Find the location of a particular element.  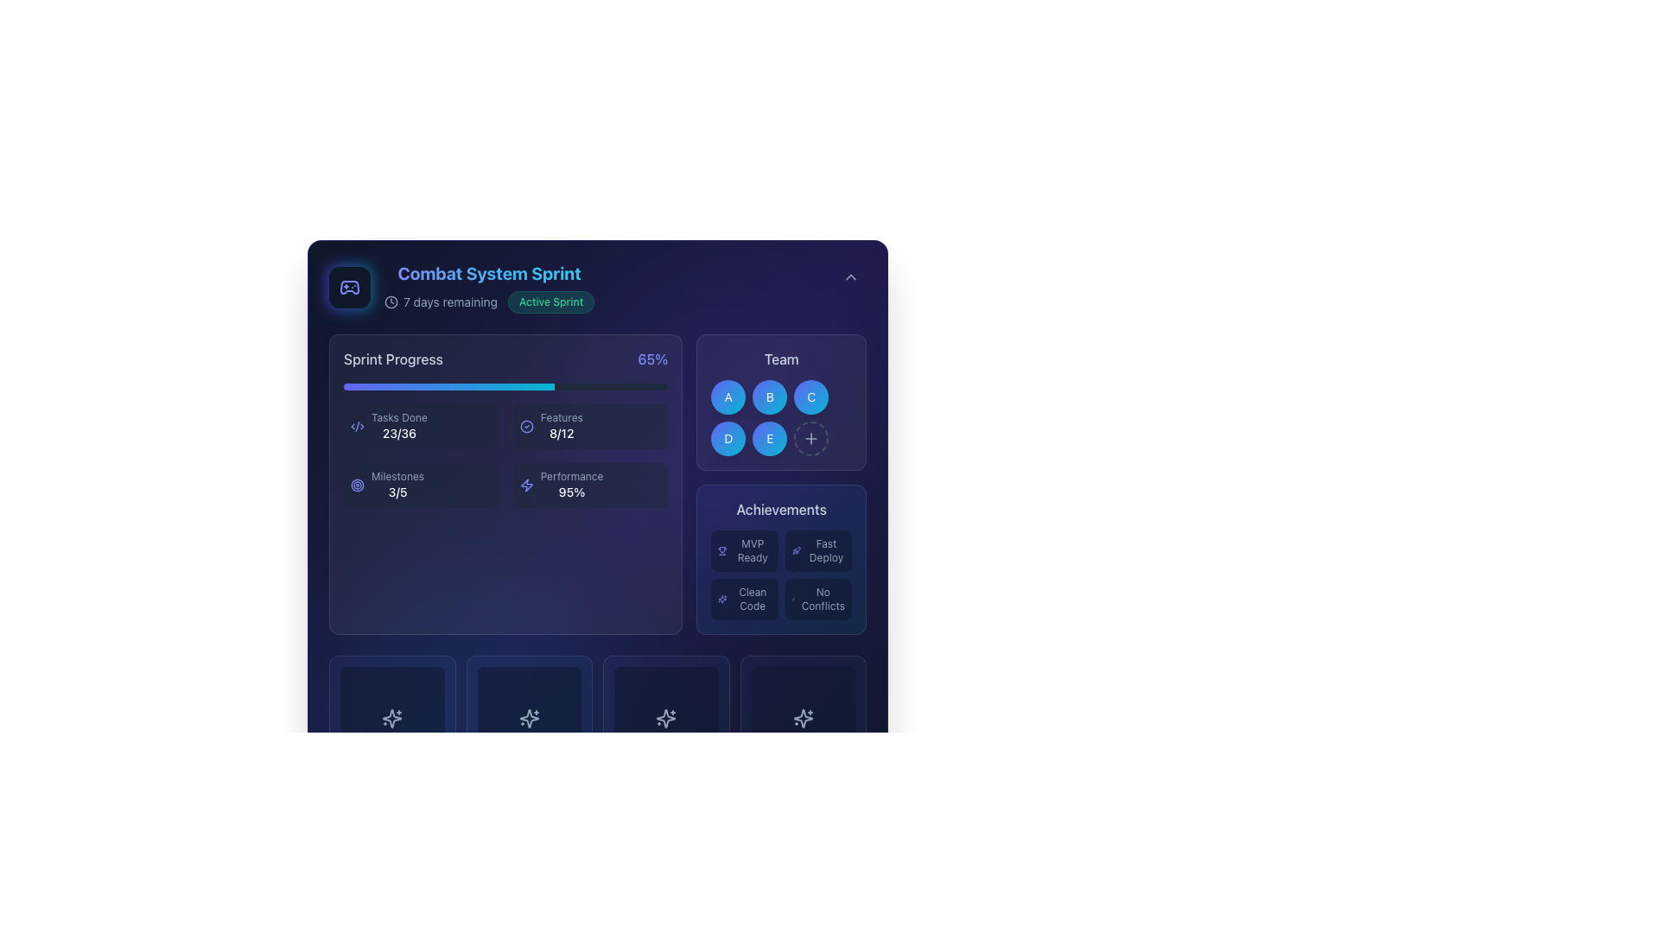

the representation of the light indigo icon resembling a stylized branch structure located in the 'No Conflicts' section of the 'Achievements' group, positioned to the right of the text label 'No Conflicts' is located at coordinates (792, 599).